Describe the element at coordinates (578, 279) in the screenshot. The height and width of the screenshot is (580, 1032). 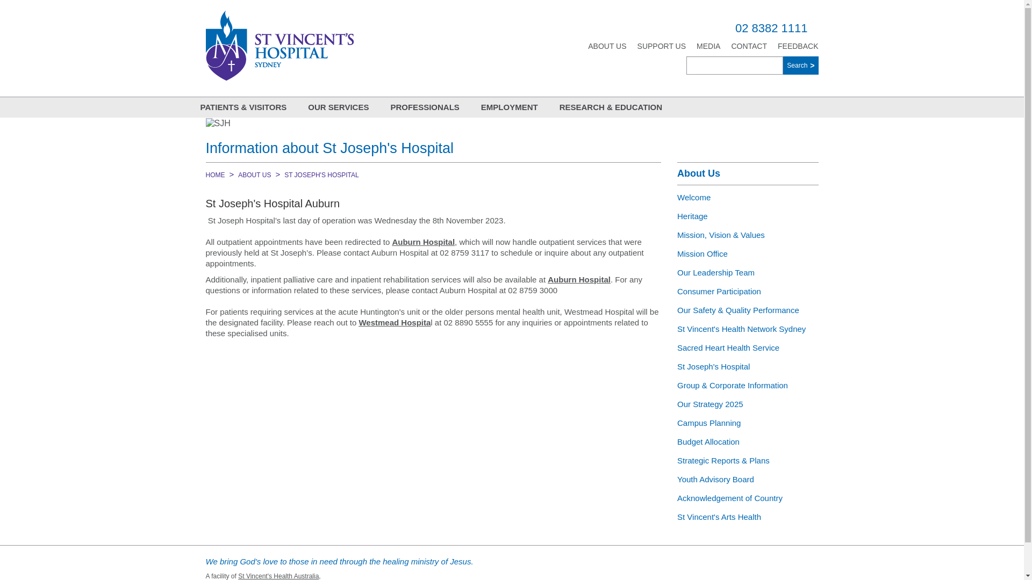
I see `'Auburn Hospital'` at that location.